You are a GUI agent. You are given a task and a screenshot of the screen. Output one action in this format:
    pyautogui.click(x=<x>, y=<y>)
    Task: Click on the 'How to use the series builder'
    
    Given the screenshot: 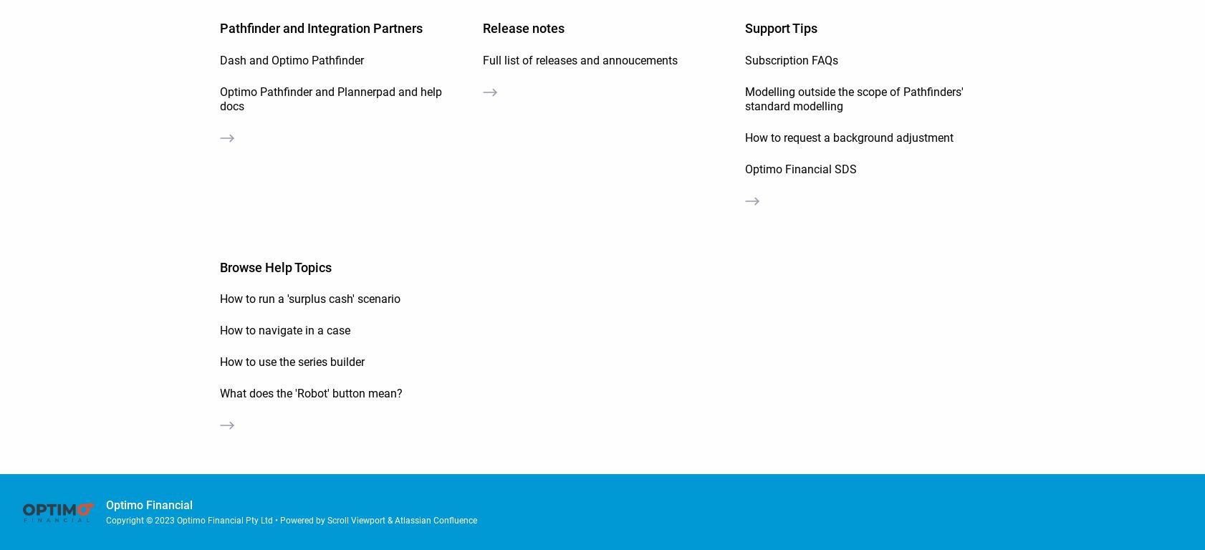 What is the action you would take?
    pyautogui.click(x=292, y=362)
    